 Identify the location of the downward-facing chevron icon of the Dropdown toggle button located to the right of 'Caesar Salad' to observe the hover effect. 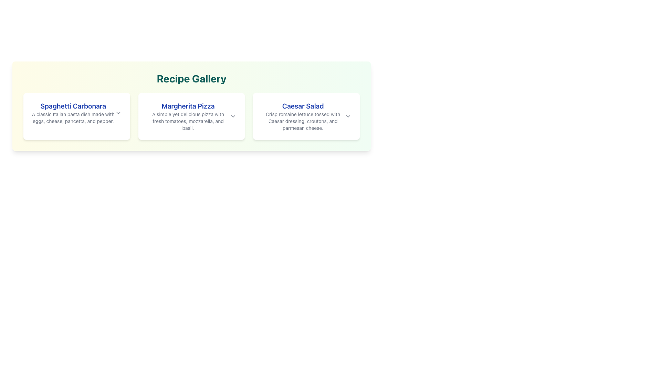
(348, 116).